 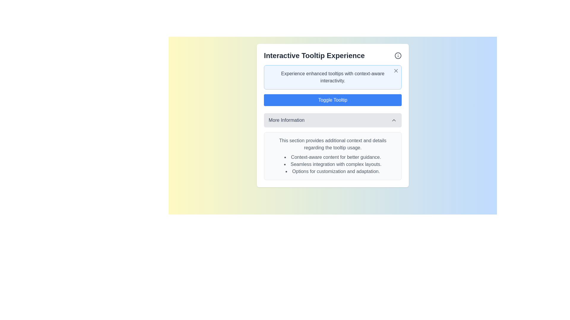 I want to click on the gray circular icon with an exclamation mark at its center, located at the top-right corner of the 'Interactive Tooltip Experience' section, so click(x=398, y=56).